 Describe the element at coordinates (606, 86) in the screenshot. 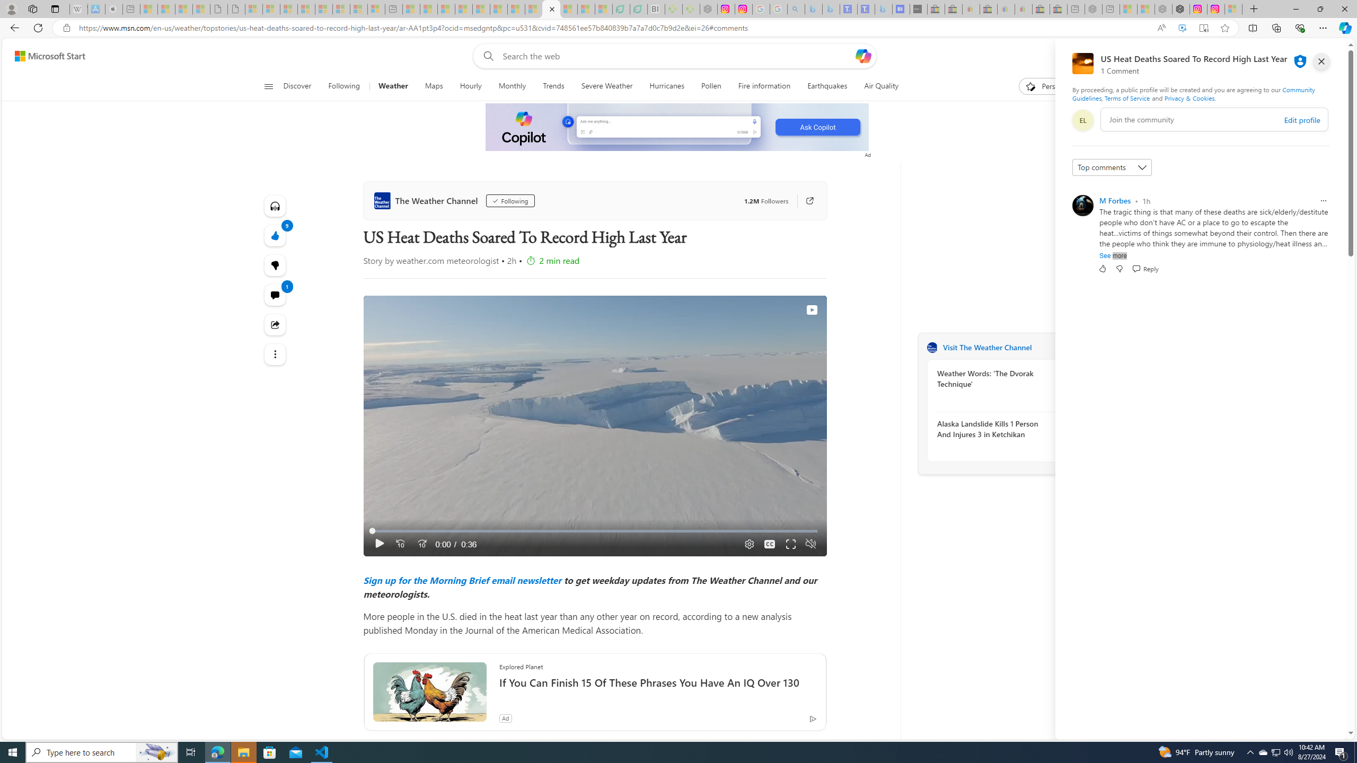

I see `'Severe Weather'` at that location.